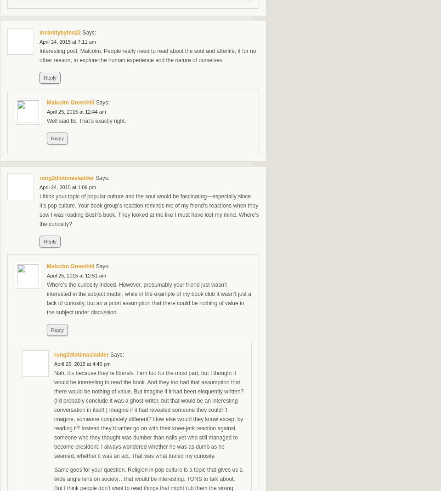 The width and height of the screenshot is (441, 491). Describe the element at coordinates (76, 276) in the screenshot. I see `'April 25, 2015 at 12:51 am'` at that location.